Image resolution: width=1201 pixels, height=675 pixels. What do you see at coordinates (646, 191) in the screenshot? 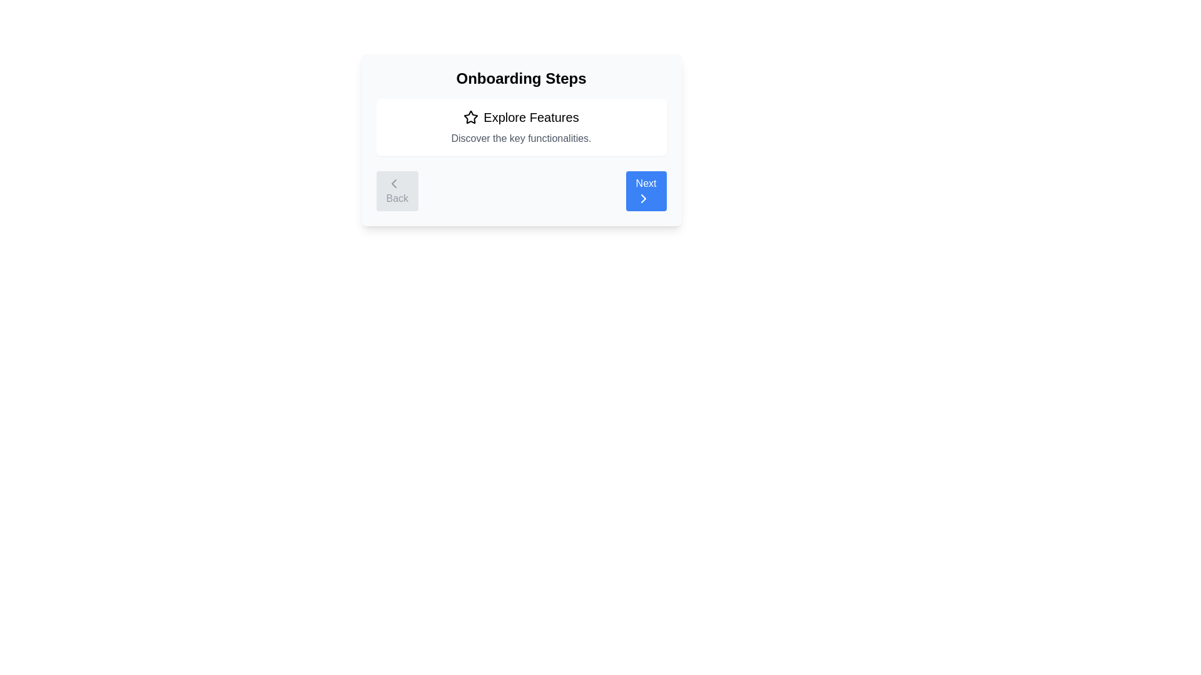
I see `the 'Next' button to navigate to the next step` at bounding box center [646, 191].